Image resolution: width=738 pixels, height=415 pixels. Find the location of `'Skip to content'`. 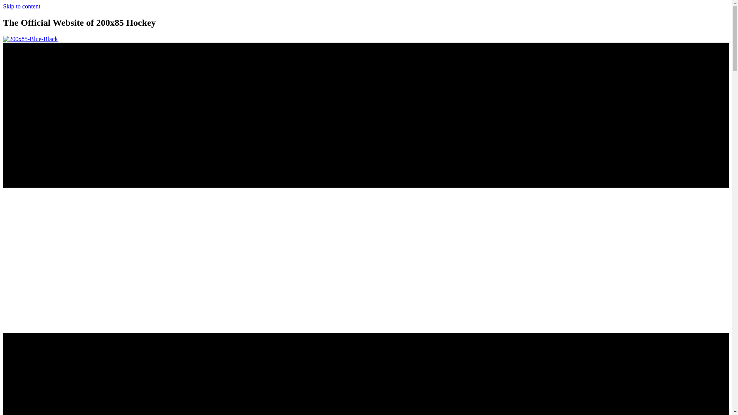

'Skip to content' is located at coordinates (22, 6).